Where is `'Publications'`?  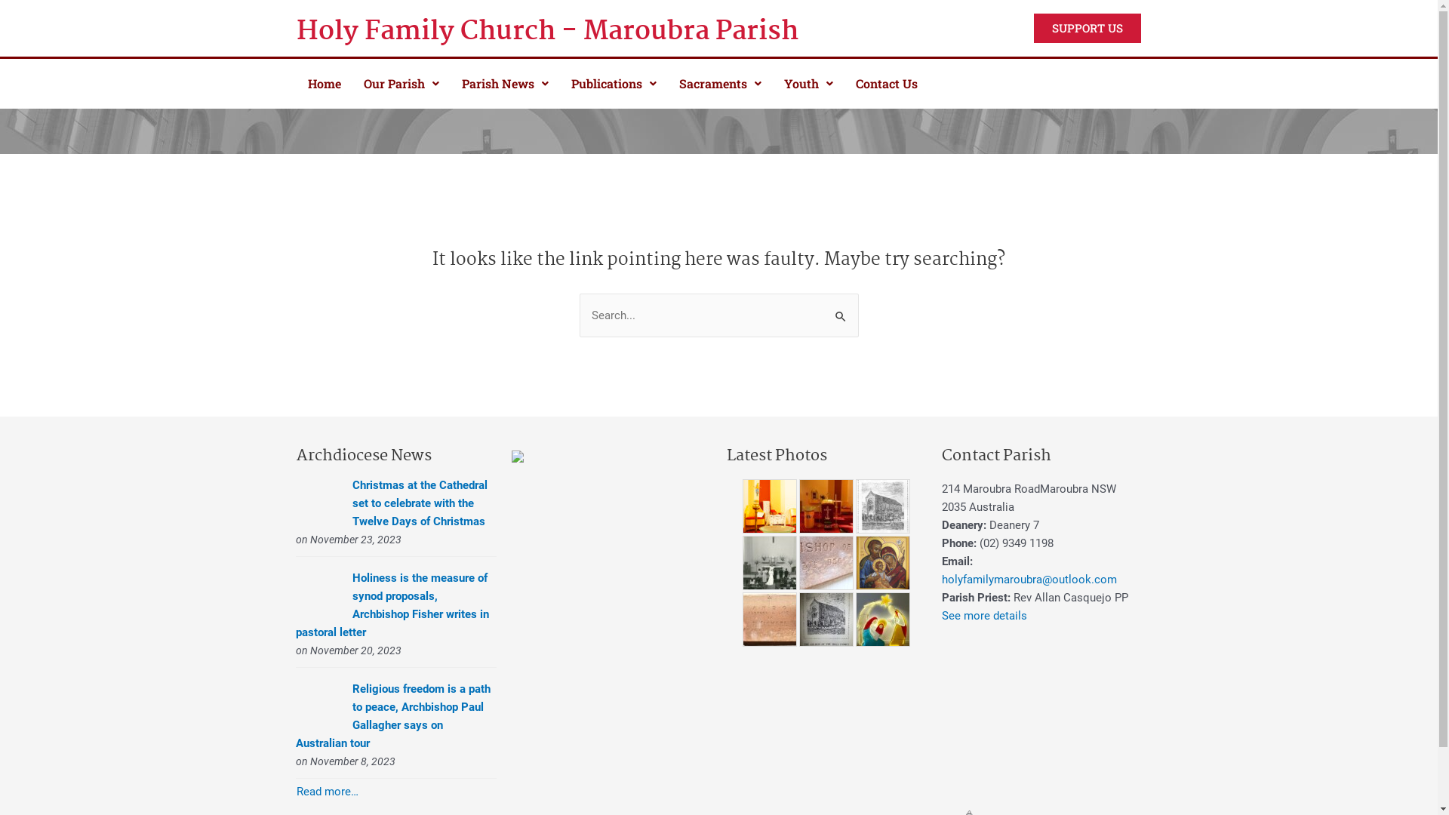
'Publications' is located at coordinates (614, 84).